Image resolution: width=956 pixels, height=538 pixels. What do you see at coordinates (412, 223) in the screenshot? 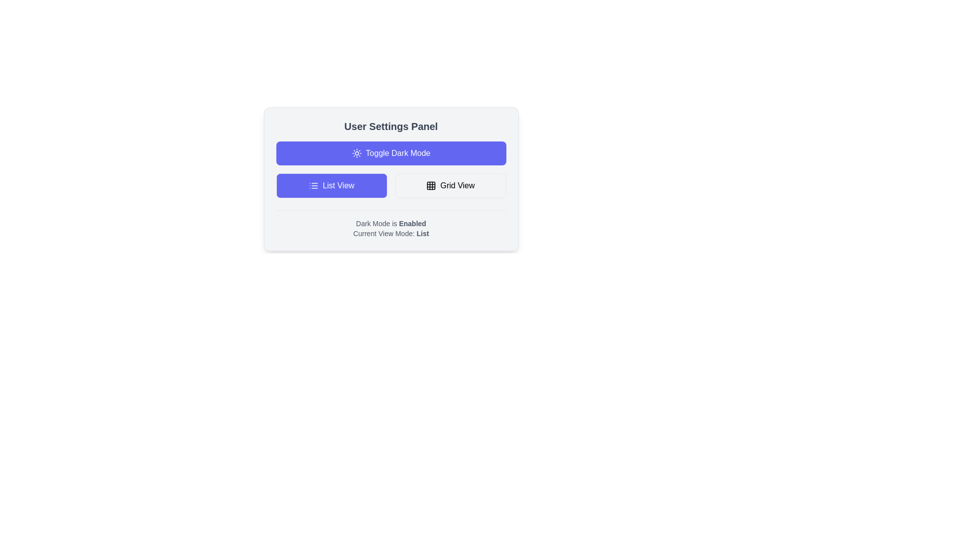
I see `the static text indicating that dark mode is currently enabled, located at the bottom-left of the card-like interface` at bounding box center [412, 223].